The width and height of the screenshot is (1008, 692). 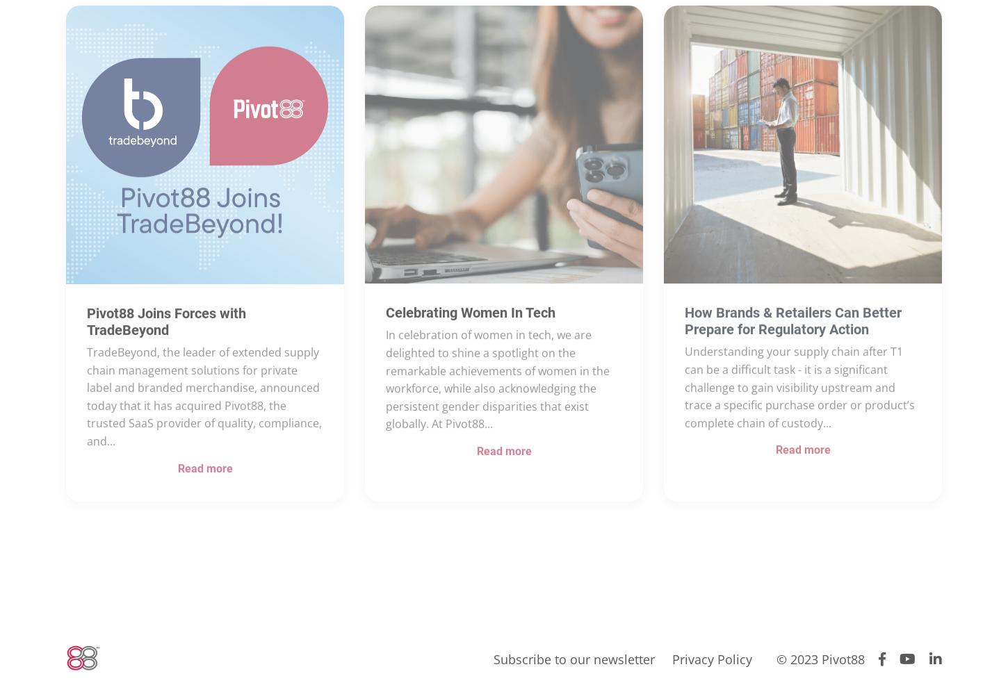 What do you see at coordinates (574, 658) in the screenshot?
I see `'Subscribe to our newsletter'` at bounding box center [574, 658].